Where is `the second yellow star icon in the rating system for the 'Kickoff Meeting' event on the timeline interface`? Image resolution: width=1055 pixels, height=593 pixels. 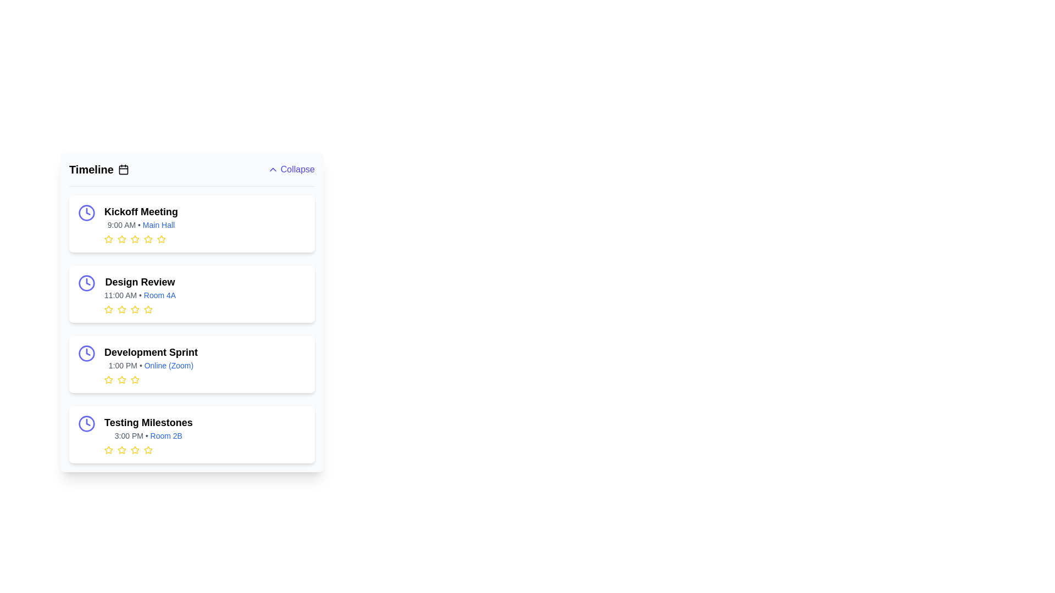 the second yellow star icon in the rating system for the 'Kickoff Meeting' event on the timeline interface is located at coordinates (121, 238).